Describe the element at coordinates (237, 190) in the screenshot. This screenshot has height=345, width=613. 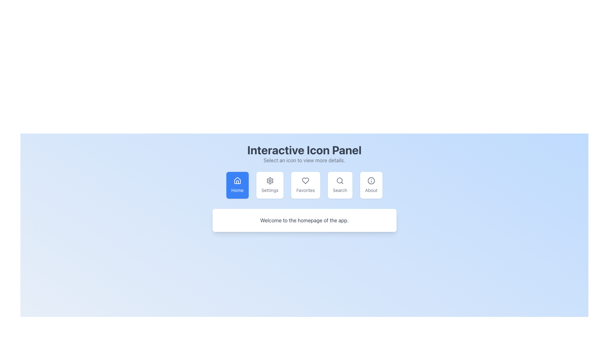
I see `'Home' label located directly below the house-shaped icon in the first icon button of the horizontal row` at that location.